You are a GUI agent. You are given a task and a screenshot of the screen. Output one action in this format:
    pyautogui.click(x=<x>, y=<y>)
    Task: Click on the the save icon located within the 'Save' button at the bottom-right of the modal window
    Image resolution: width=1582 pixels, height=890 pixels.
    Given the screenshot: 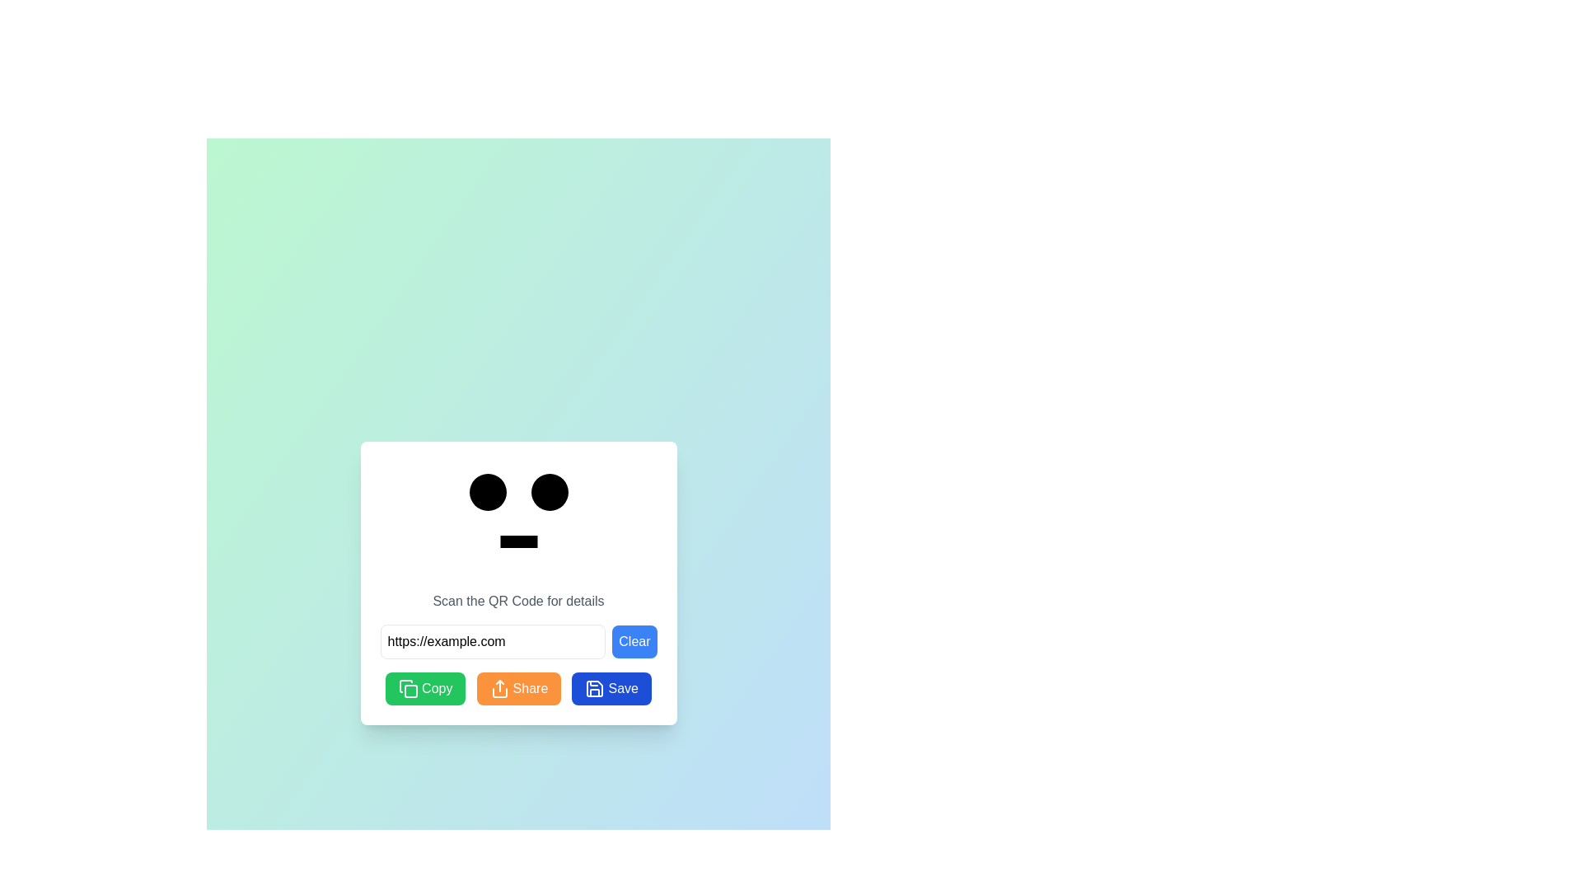 What is the action you would take?
    pyautogui.click(x=594, y=689)
    